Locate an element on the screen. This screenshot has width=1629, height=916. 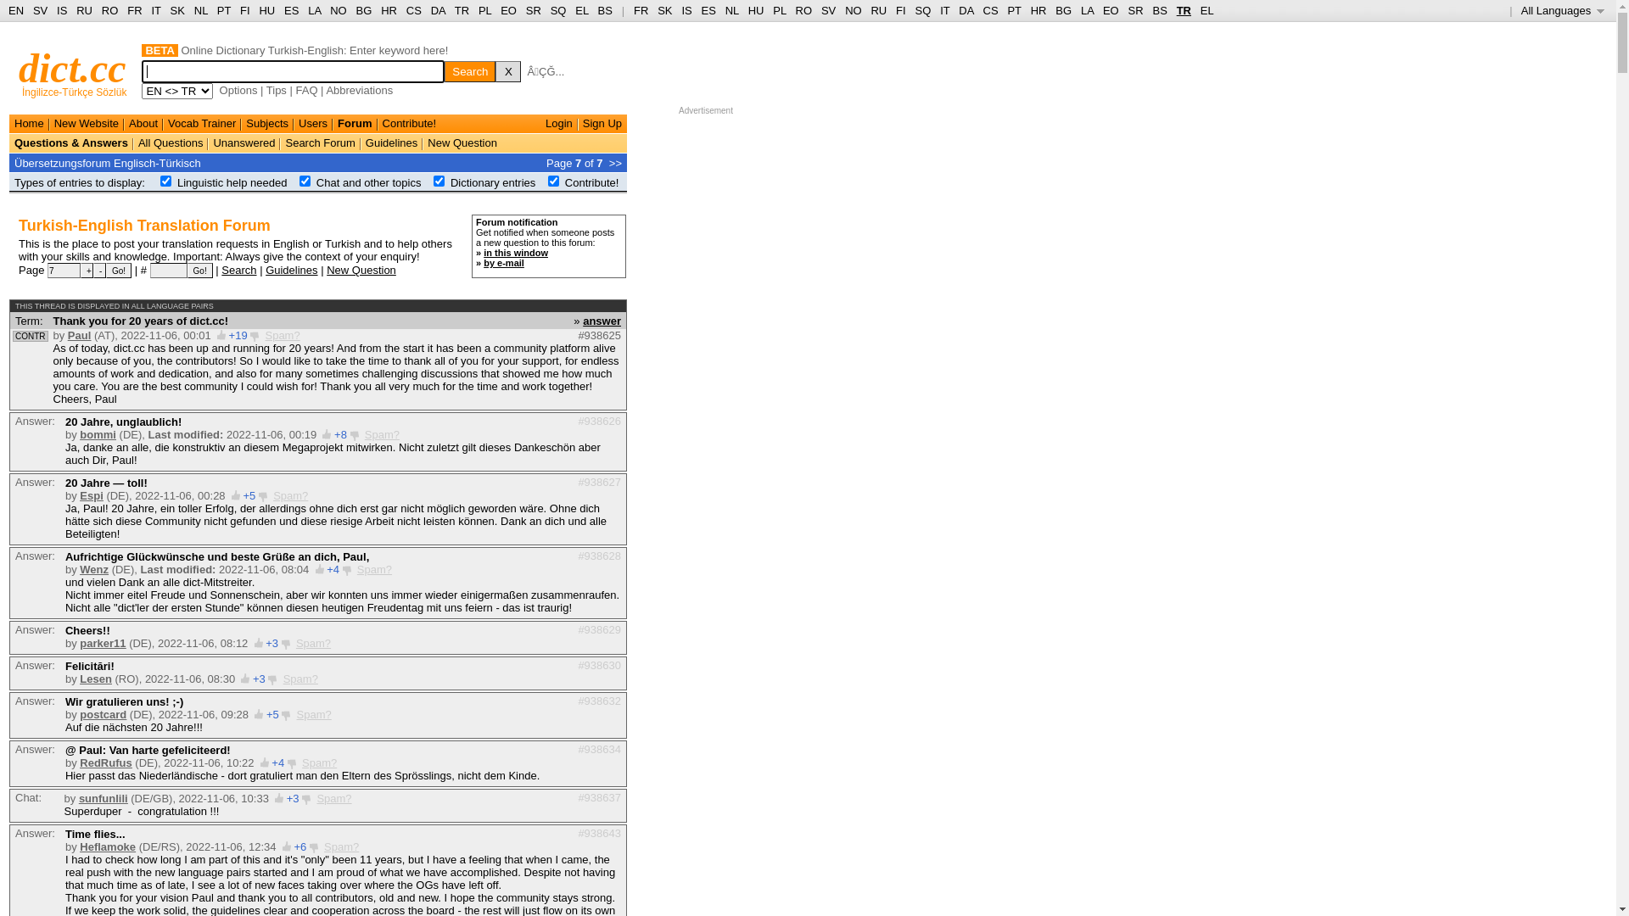
'EO' is located at coordinates (507, 10).